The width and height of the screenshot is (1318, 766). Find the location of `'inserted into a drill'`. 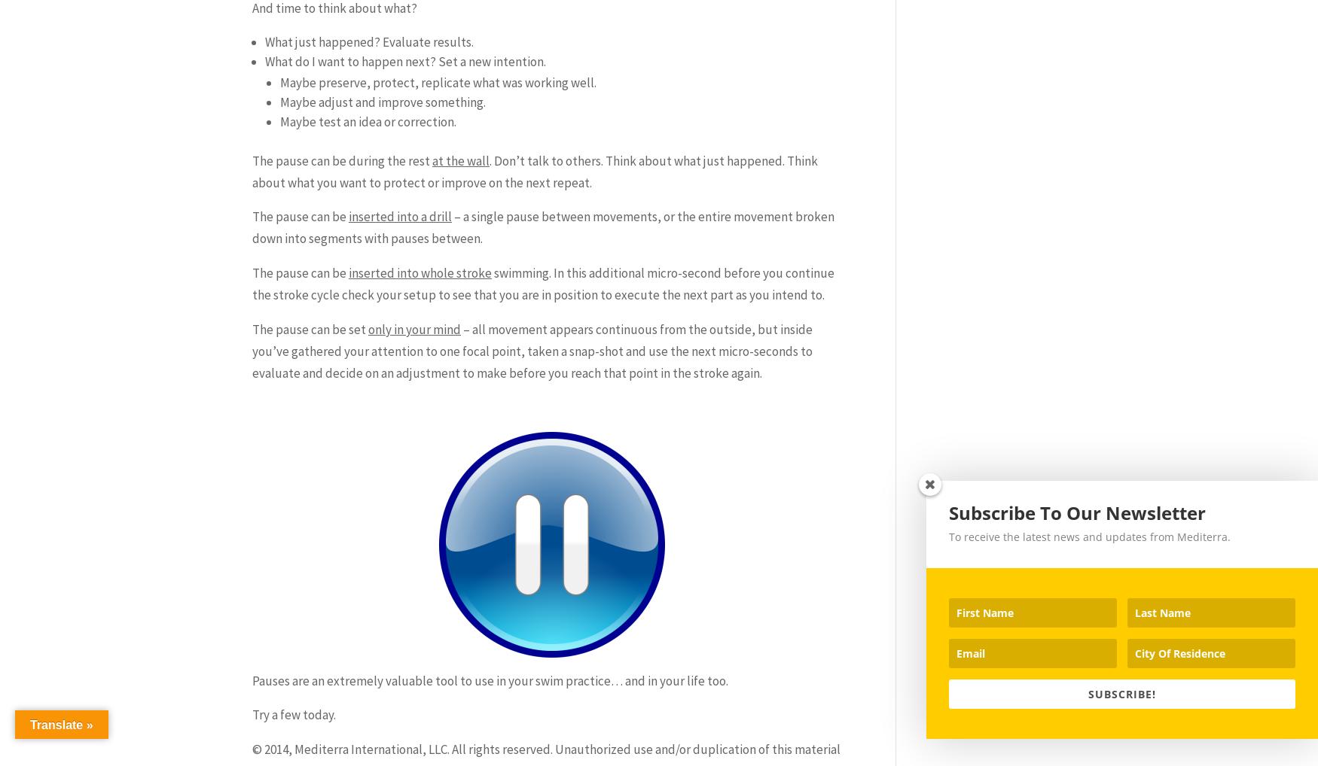

'inserted into a drill' is located at coordinates (399, 216).